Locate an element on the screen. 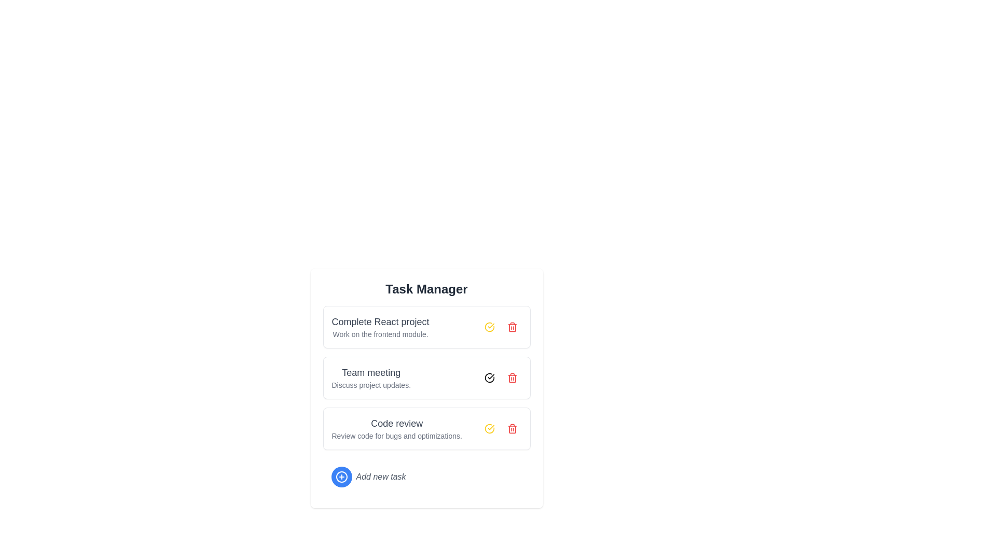 The height and width of the screenshot is (560, 996). the icon that indicates the status of the 'Team meeting' task is located at coordinates (489, 428).